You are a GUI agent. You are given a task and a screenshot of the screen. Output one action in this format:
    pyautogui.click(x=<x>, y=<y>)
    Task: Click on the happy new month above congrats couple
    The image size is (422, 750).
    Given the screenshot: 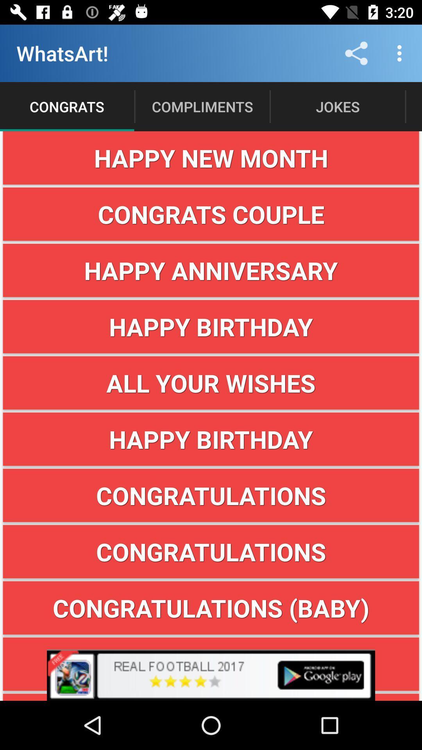 What is the action you would take?
    pyautogui.click(x=211, y=157)
    